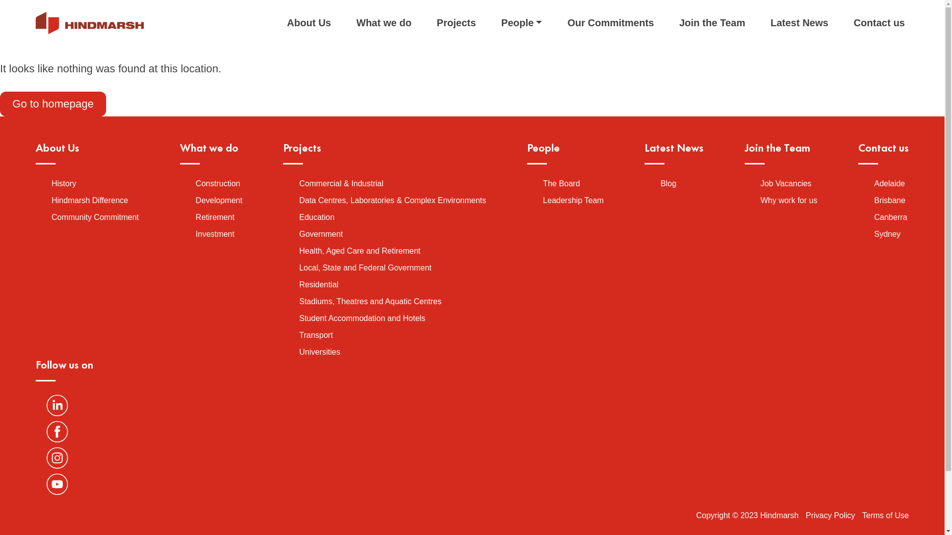 The height and width of the screenshot is (535, 952). What do you see at coordinates (785, 183) in the screenshot?
I see `'Job Vacancies'` at bounding box center [785, 183].